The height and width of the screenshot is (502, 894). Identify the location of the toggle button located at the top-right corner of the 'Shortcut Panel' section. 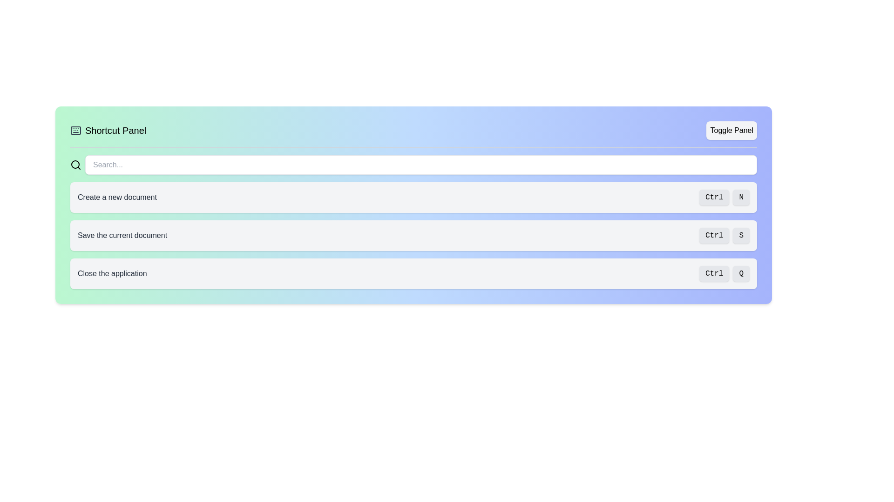
(731, 131).